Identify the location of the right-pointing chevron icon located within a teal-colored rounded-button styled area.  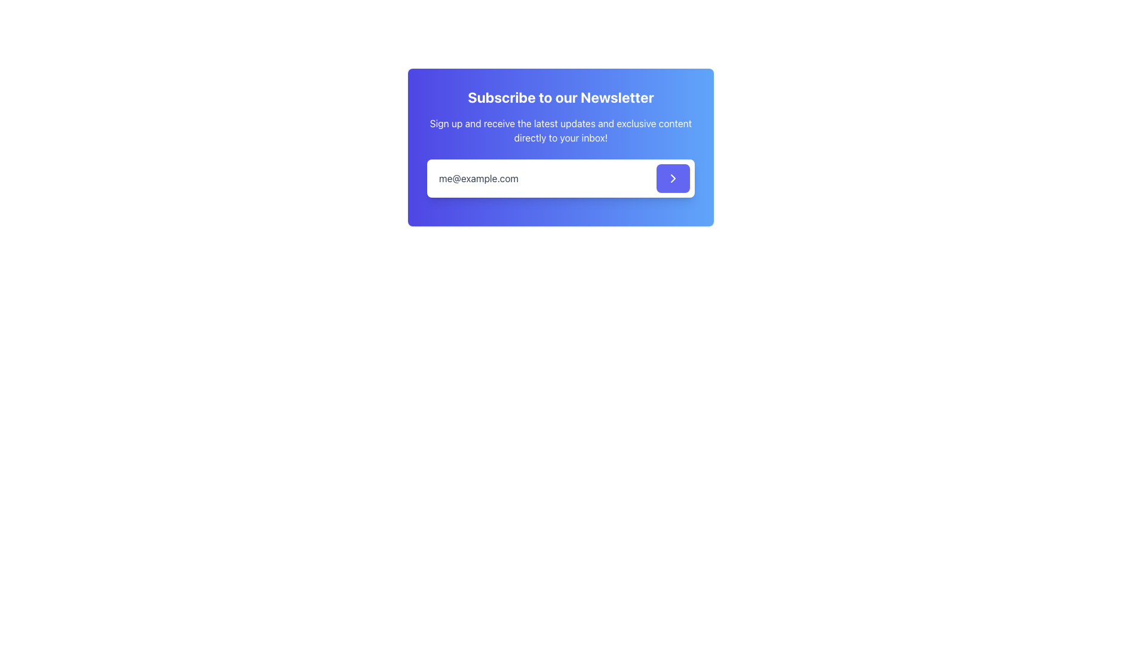
(673, 179).